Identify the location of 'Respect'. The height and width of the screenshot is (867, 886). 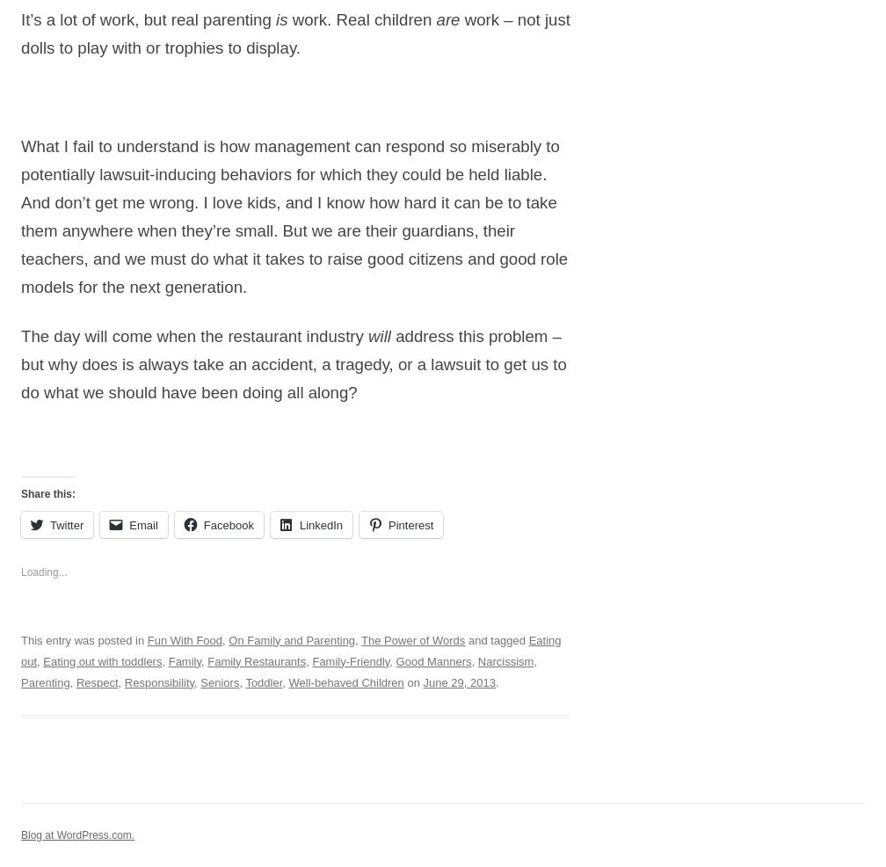
(96, 681).